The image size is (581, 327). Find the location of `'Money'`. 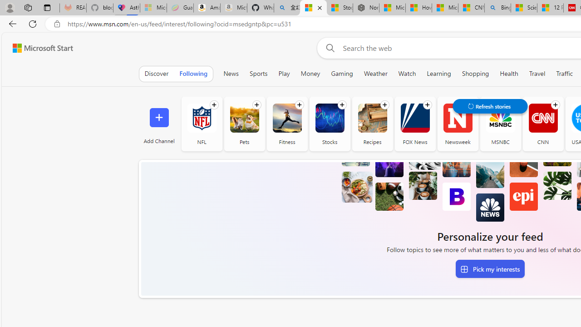

'Money' is located at coordinates (310, 73).